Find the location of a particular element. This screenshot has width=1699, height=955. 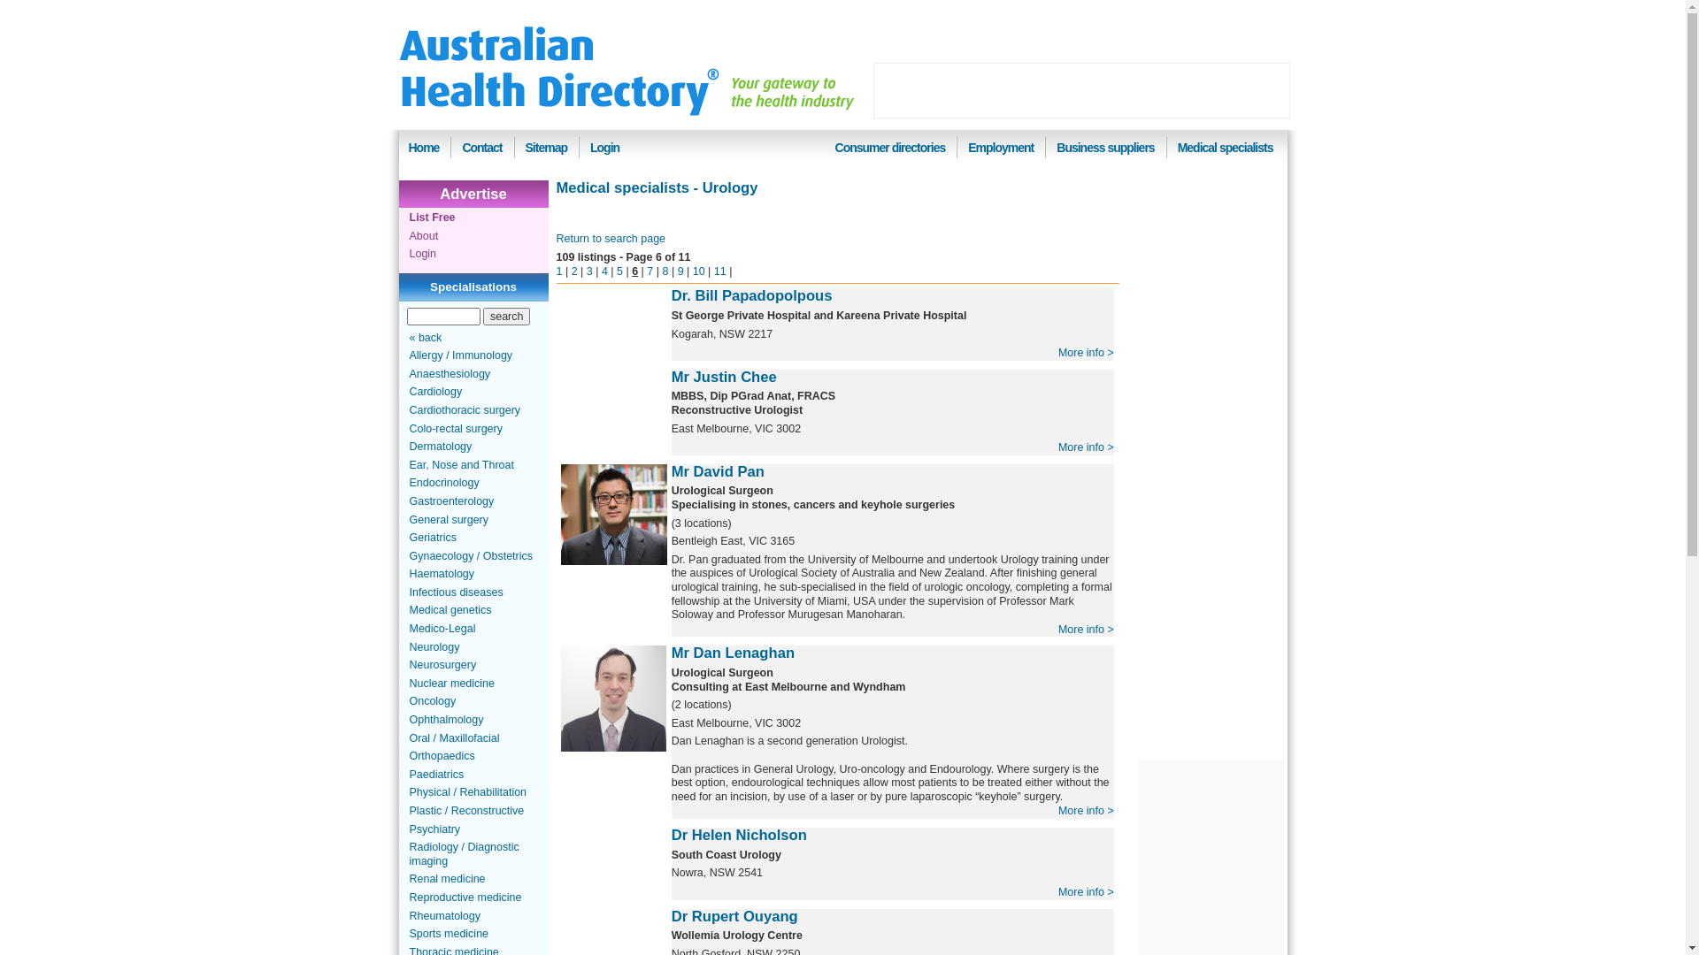

'More info >' is located at coordinates (1085, 352).